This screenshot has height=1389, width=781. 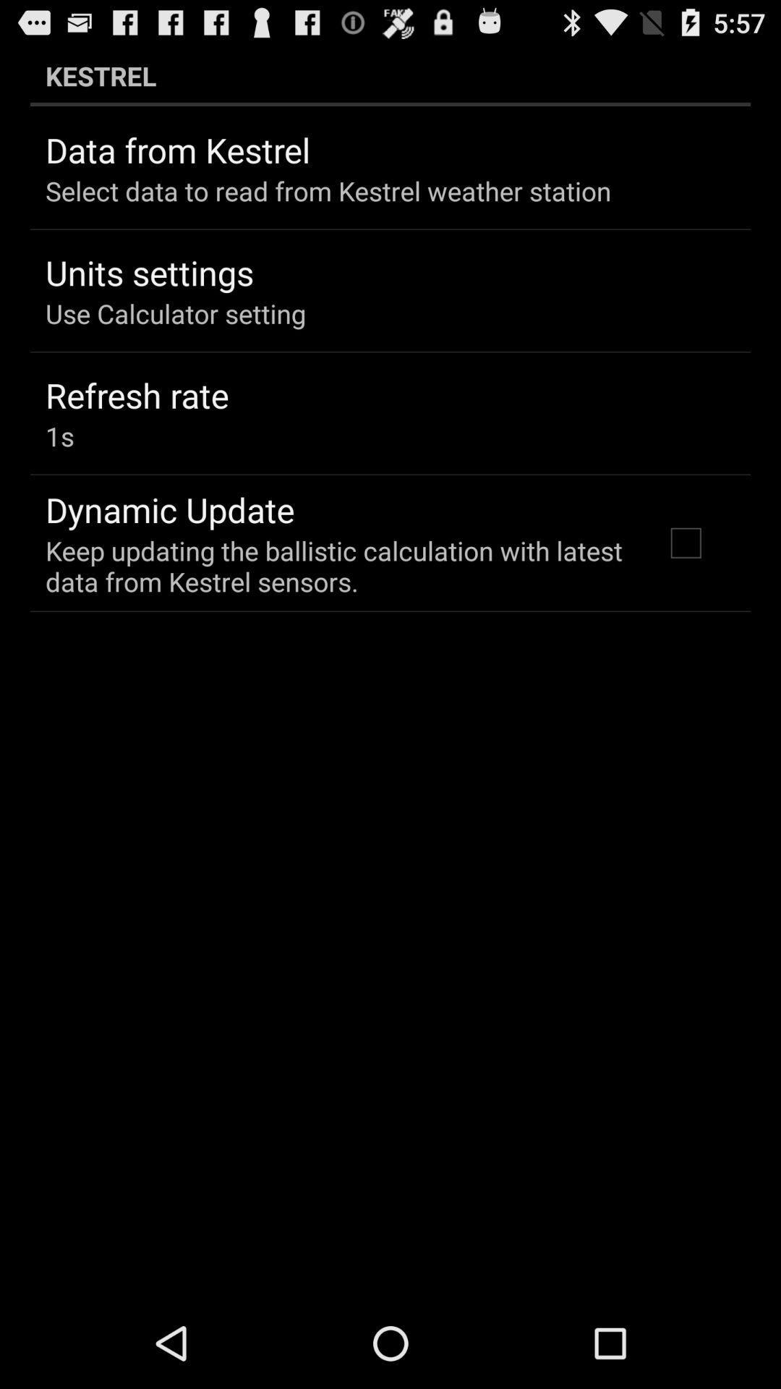 What do you see at coordinates (169, 509) in the screenshot?
I see `the icon above the keep updating the` at bounding box center [169, 509].